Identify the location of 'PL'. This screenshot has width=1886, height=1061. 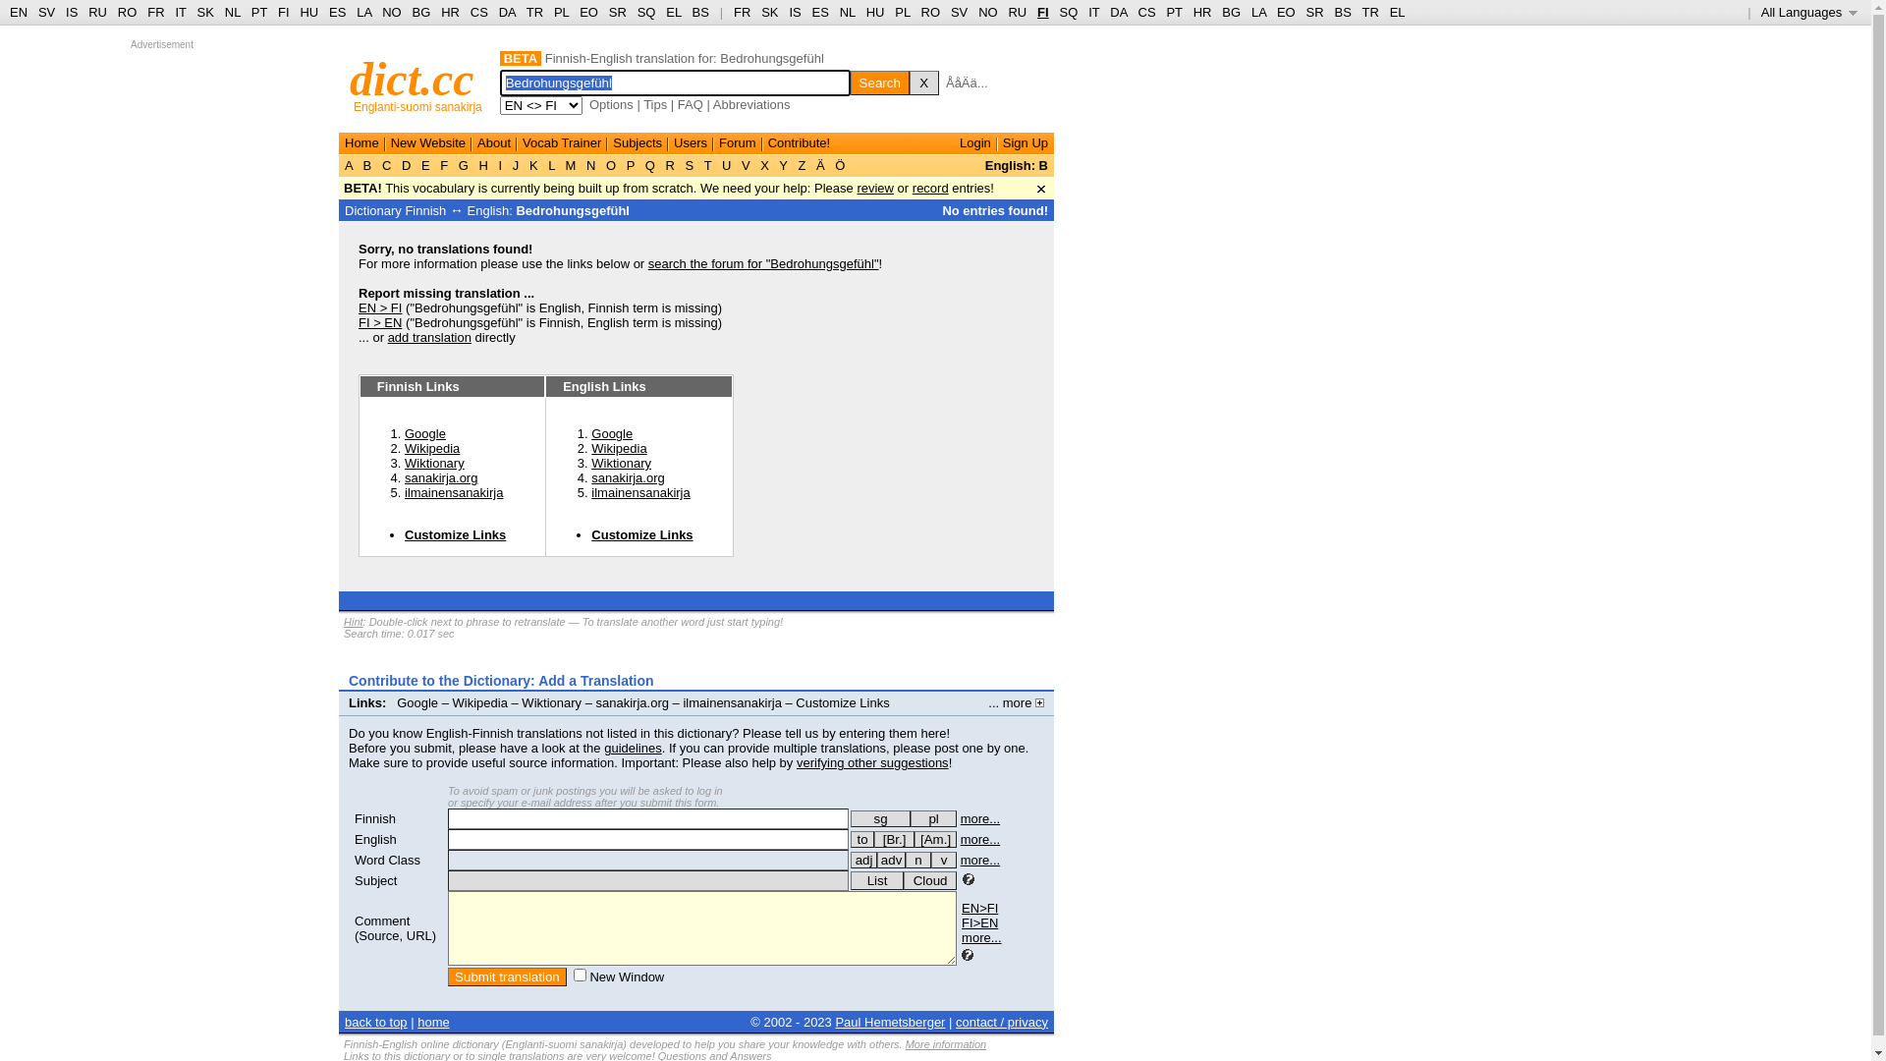
(901, 12).